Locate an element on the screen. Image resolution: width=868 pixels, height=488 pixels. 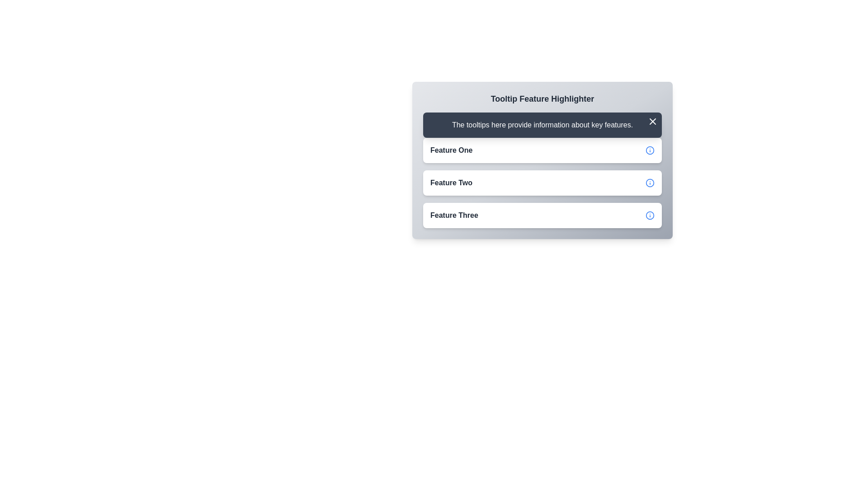
the blue informational icon located to the right of the 'Feature Two' label is located at coordinates (650, 183).